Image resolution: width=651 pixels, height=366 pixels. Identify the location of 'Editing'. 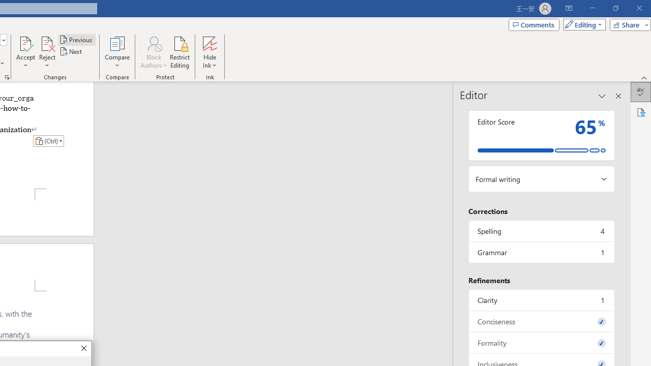
(582, 24).